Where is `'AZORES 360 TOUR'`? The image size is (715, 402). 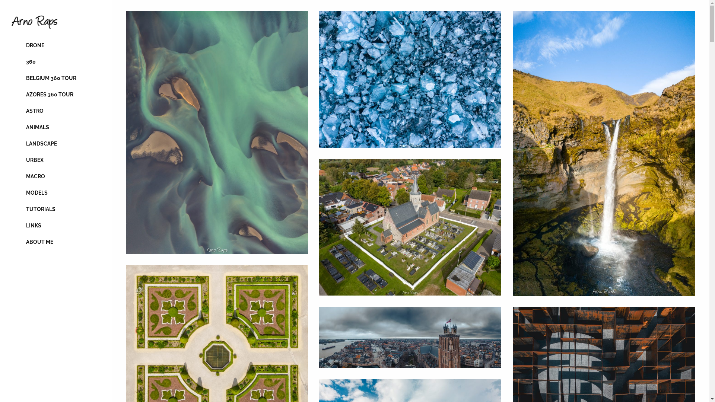 'AZORES 360 TOUR' is located at coordinates (55, 94).